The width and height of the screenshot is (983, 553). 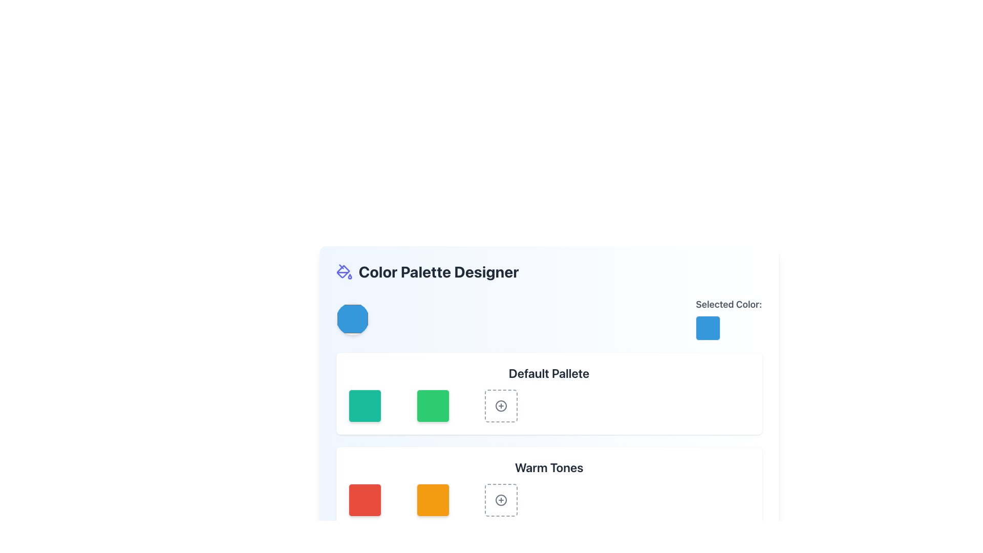 What do you see at coordinates (446, 499) in the screenshot?
I see `the second color palette button in the 'Warm Tones' section` at bounding box center [446, 499].